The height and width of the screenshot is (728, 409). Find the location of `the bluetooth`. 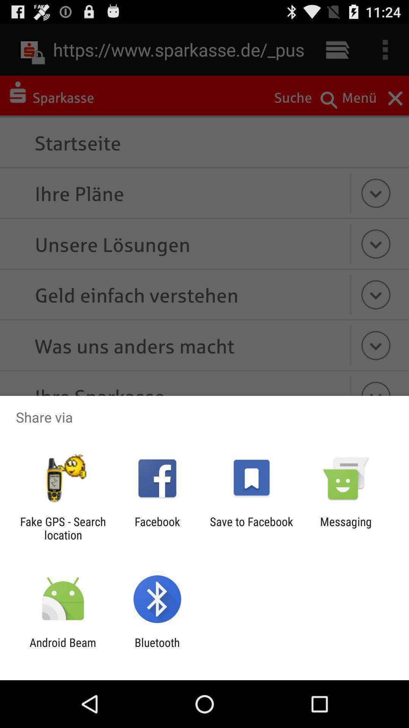

the bluetooth is located at coordinates (157, 649).